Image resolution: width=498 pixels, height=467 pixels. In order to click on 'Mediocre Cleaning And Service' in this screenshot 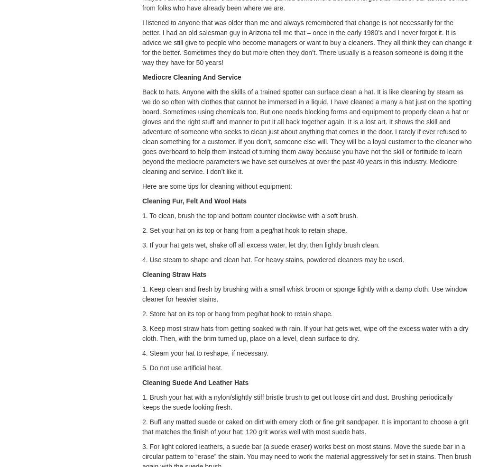, I will do `click(141, 77)`.